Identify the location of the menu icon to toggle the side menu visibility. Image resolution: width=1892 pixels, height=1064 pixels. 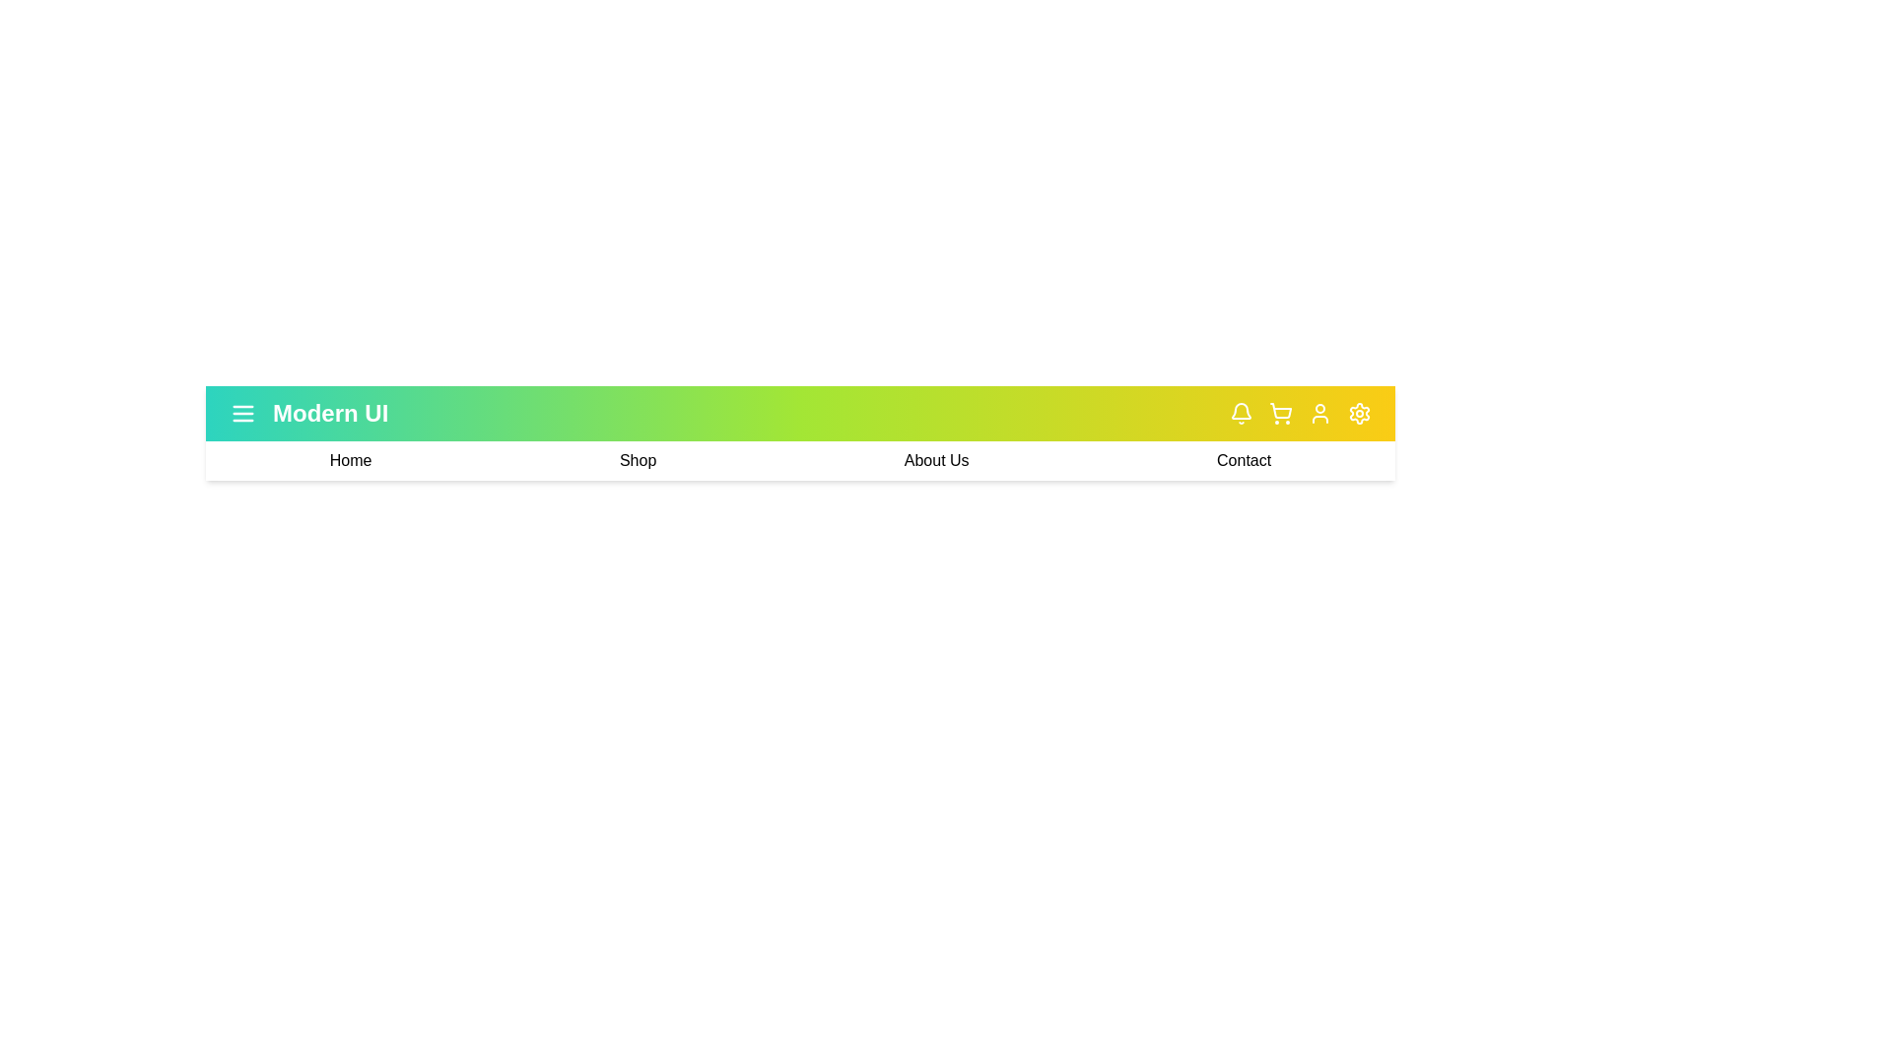
(241, 413).